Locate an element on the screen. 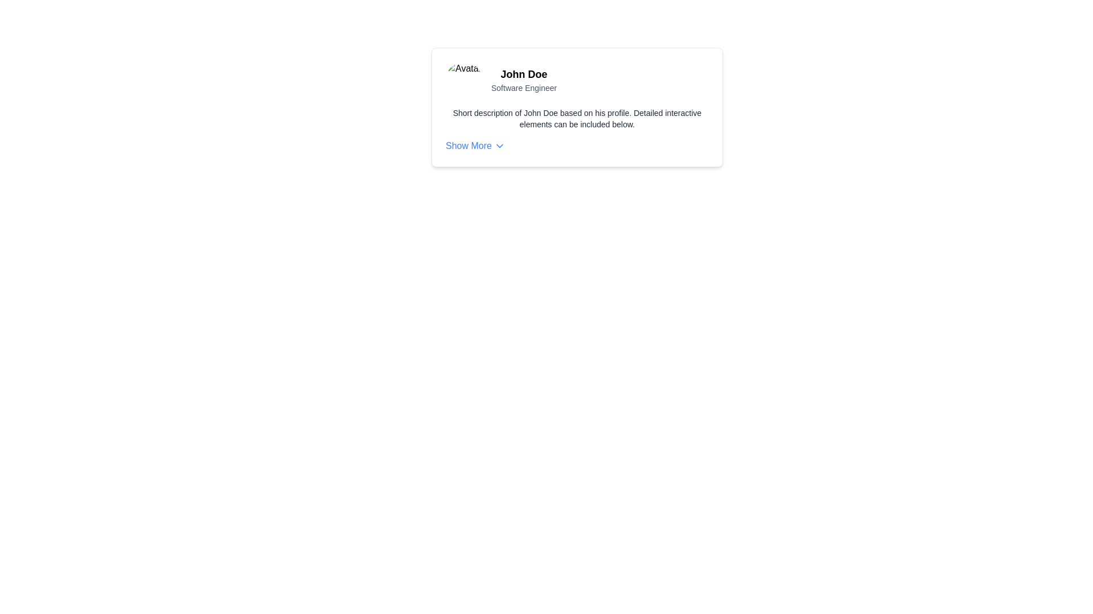 The height and width of the screenshot is (614, 1093). the blue, underlined 'Show More' text link with a downward-pointing arrow icon is located at coordinates (475, 146).